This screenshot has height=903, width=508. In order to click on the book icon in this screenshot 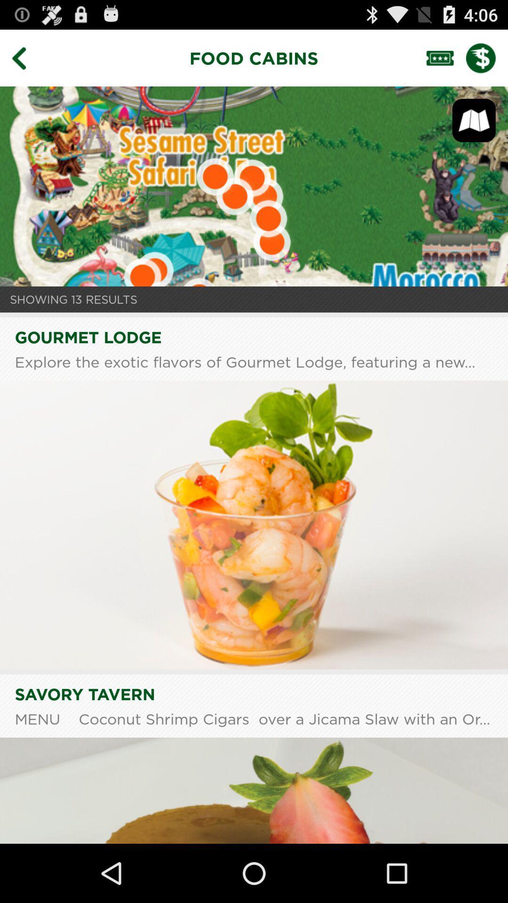, I will do `click(474, 128)`.